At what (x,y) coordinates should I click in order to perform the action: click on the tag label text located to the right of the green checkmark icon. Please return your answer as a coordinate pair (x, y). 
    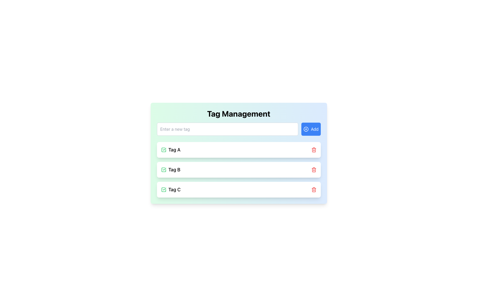
    Looking at the image, I should click on (171, 150).